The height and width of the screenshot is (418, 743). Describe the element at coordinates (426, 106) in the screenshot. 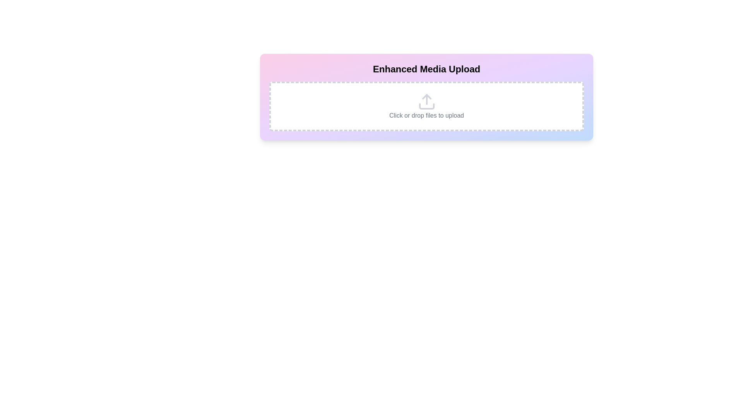

I see `the rectangular base of the upload icon in the Enhanced Media Upload interface` at that location.